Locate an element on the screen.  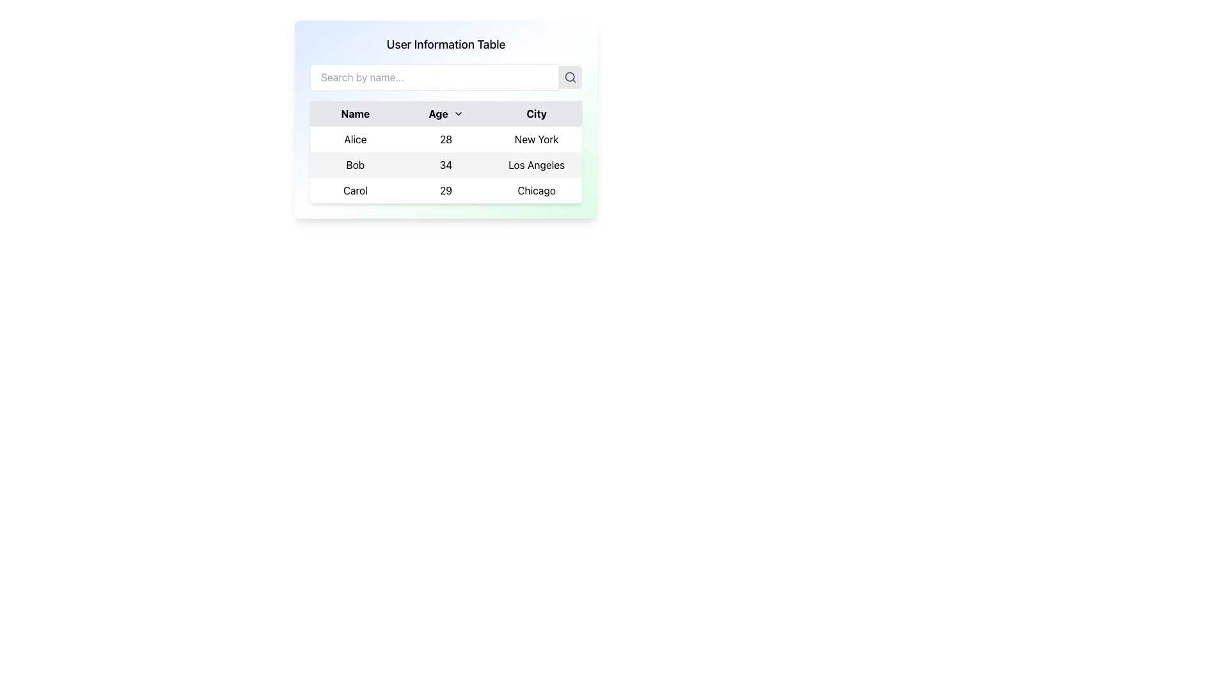
the table cell displaying 'Los Angeles' in the third column of the second row, corresponding to the entry for 'Bob,' age '34.' is located at coordinates (537, 164).